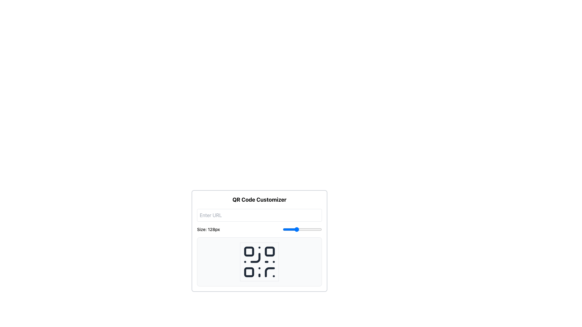 This screenshot has width=582, height=327. What do you see at coordinates (307, 230) in the screenshot?
I see `the size` at bounding box center [307, 230].